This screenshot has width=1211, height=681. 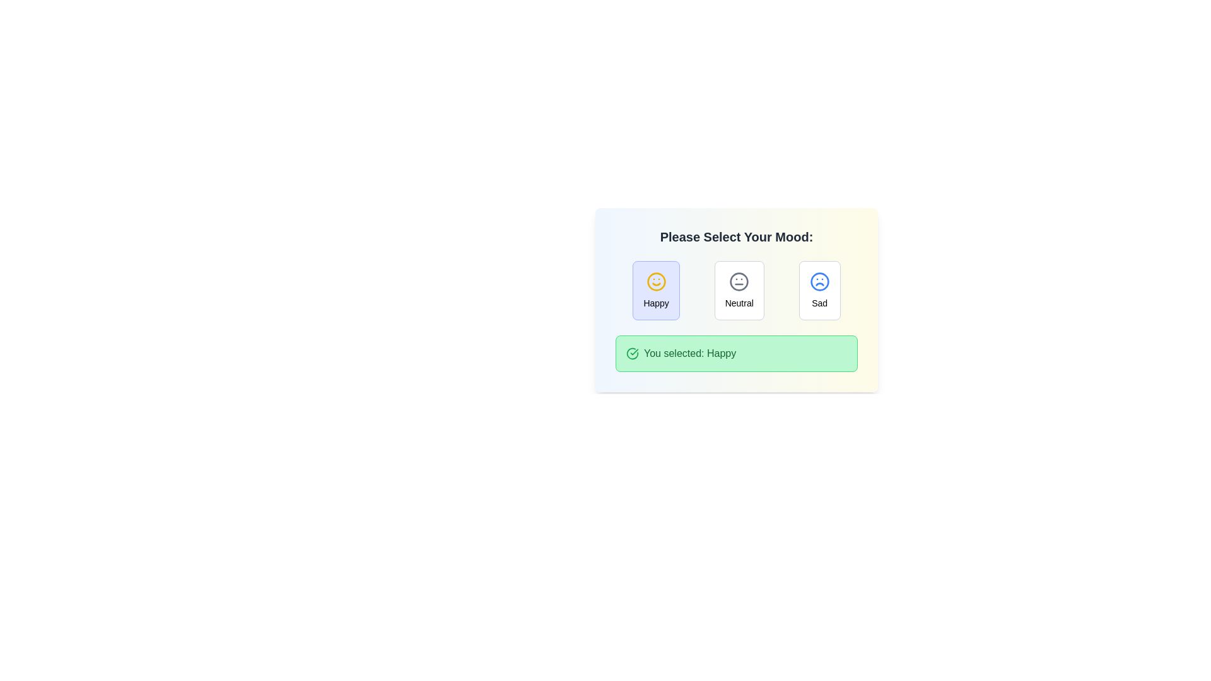 What do you see at coordinates (656, 281) in the screenshot?
I see `the 'Happy' mood icon, which visually represents the happy emotion selection option located directly above the text label 'Happy'` at bounding box center [656, 281].